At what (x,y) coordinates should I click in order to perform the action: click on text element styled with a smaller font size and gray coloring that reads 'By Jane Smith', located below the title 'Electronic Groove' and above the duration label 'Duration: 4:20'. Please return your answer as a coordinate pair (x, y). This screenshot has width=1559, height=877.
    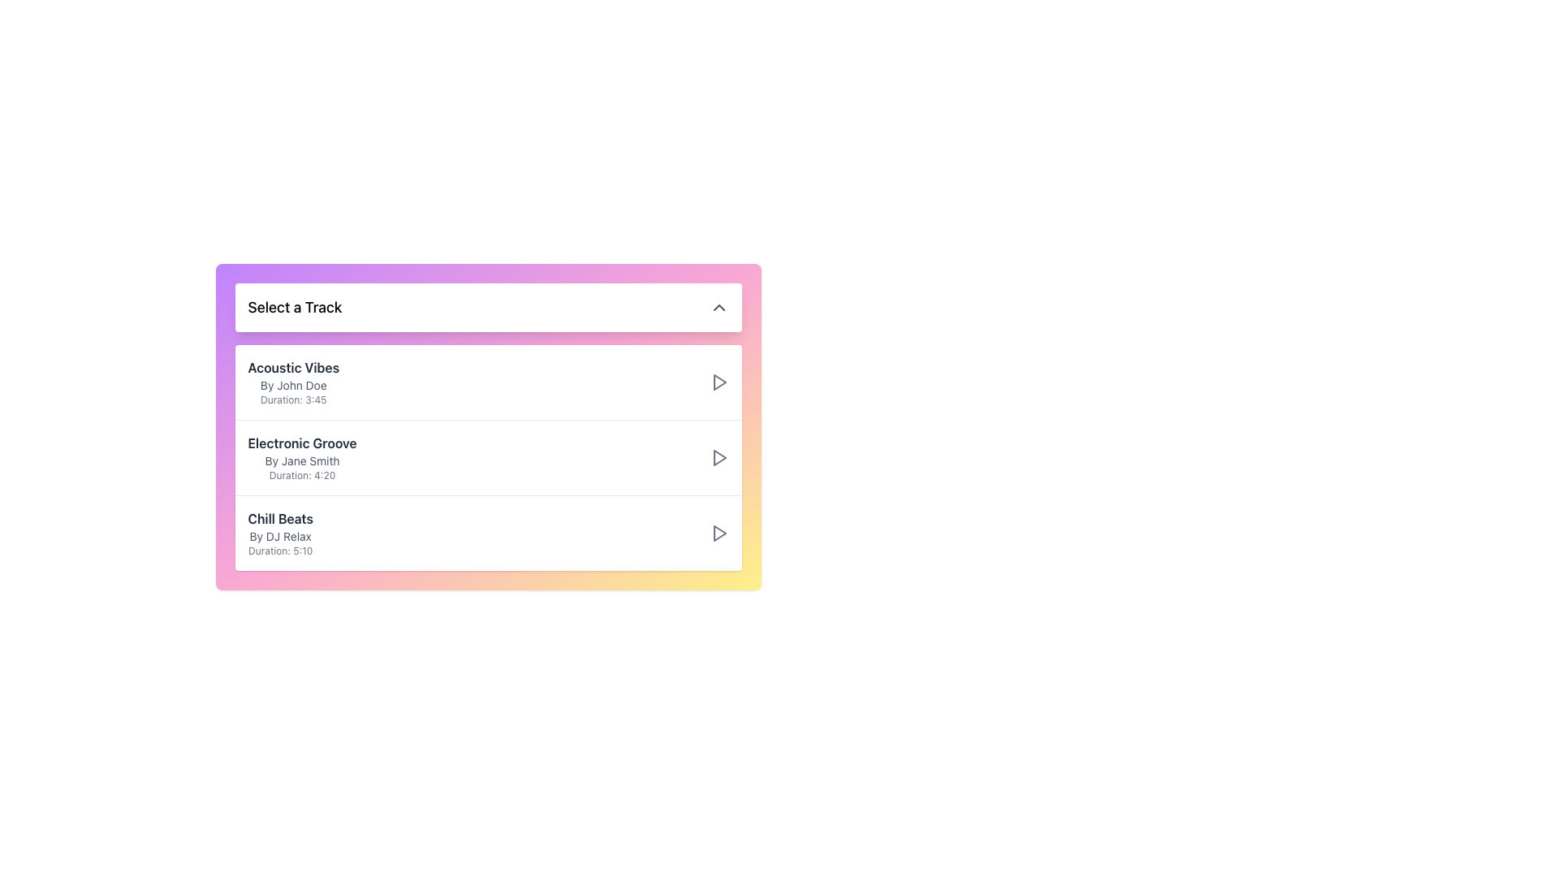
    Looking at the image, I should click on (302, 460).